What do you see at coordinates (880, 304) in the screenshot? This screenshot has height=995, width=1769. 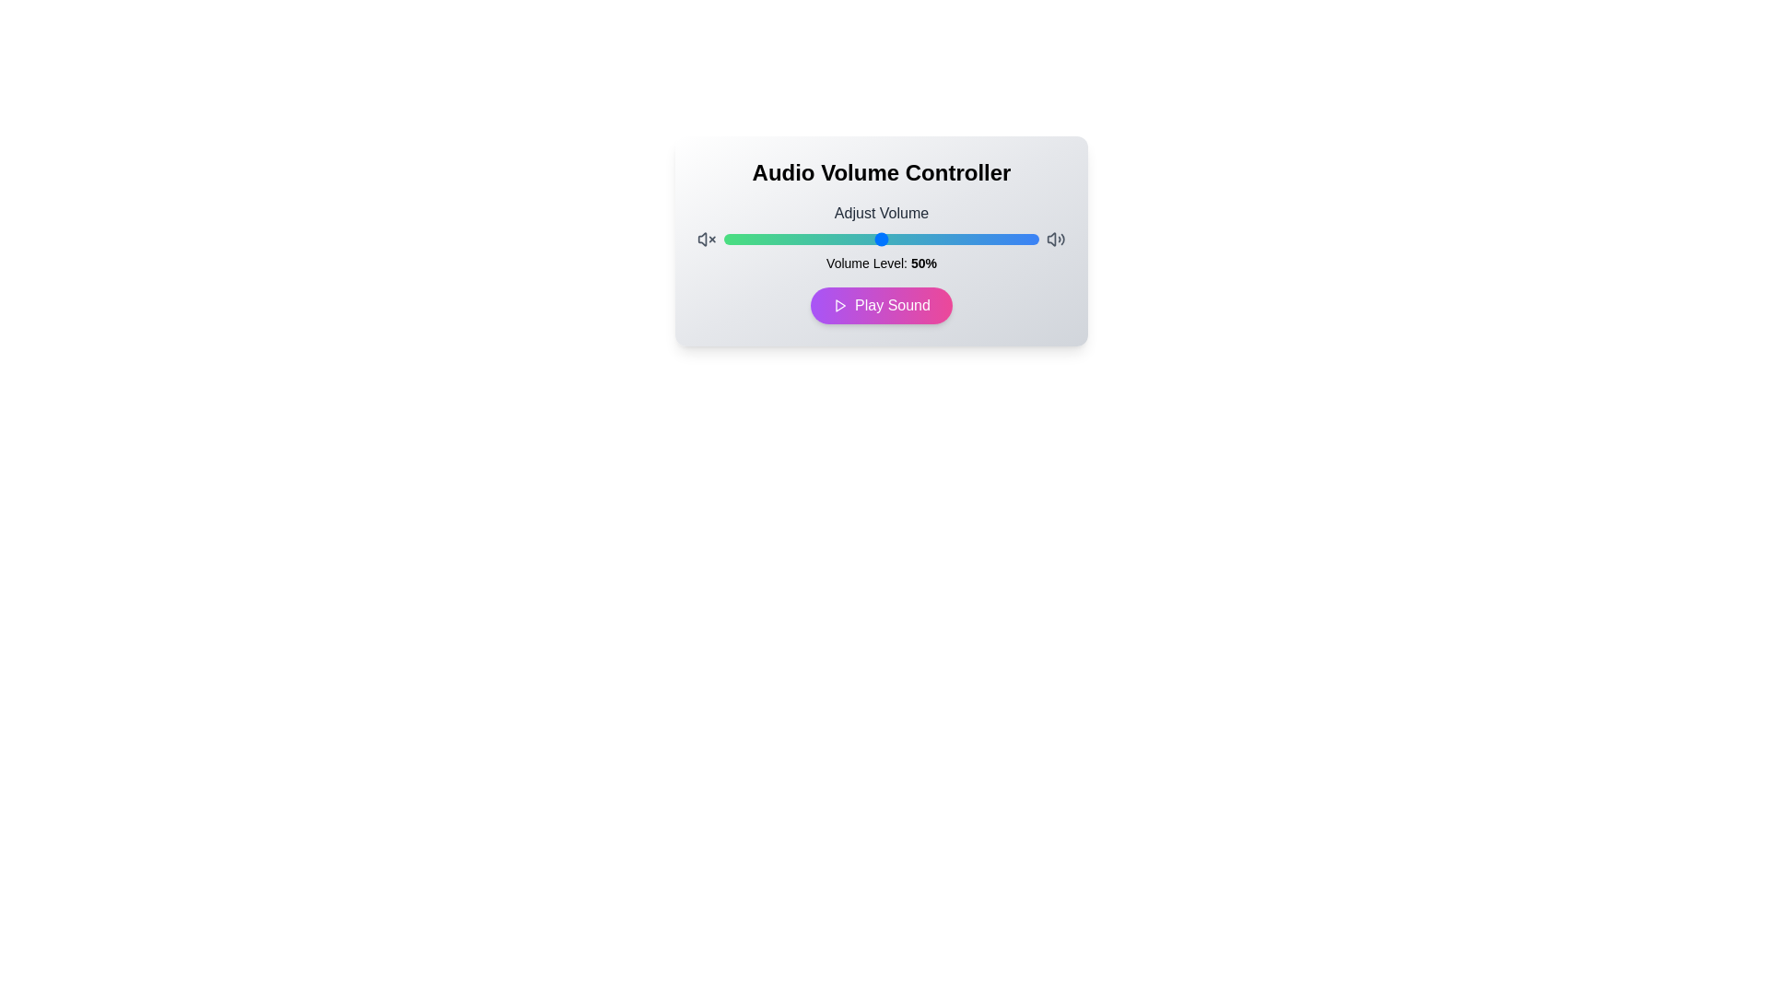 I see `the 'Play Sound' button to play the sound at the current volume level` at bounding box center [880, 304].